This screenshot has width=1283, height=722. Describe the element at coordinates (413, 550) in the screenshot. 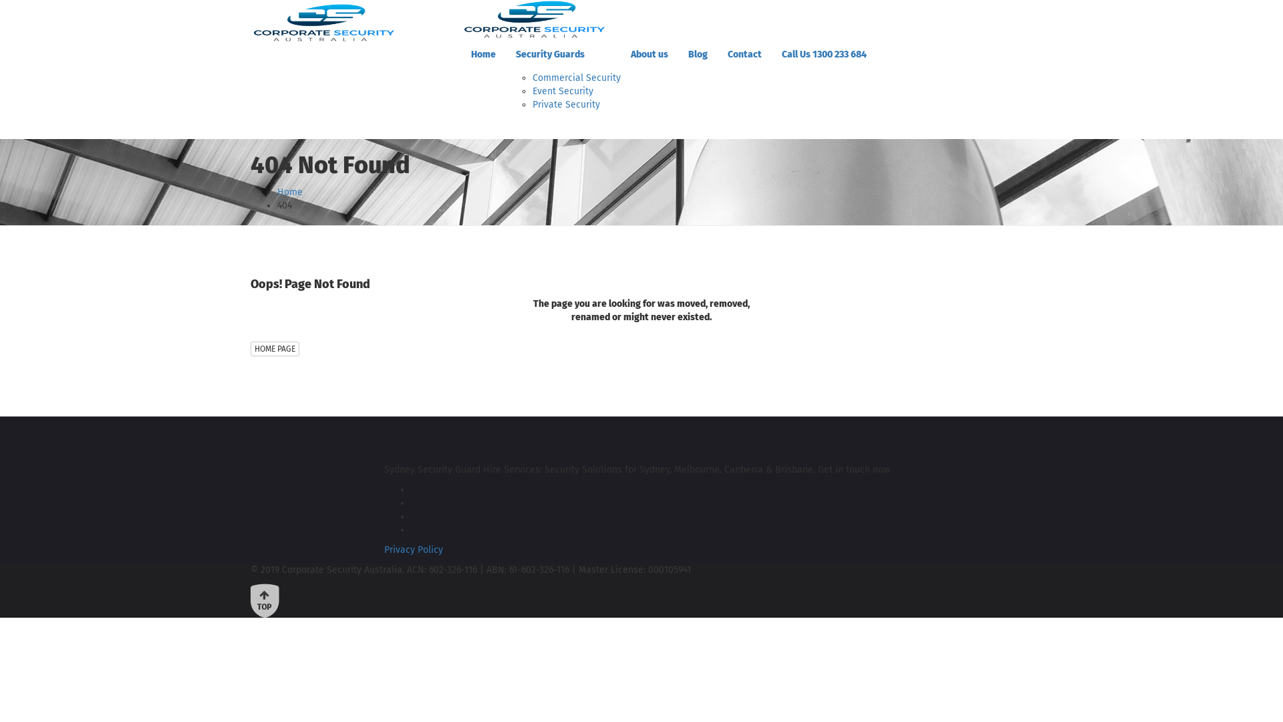

I see `'Privacy Policy'` at that location.